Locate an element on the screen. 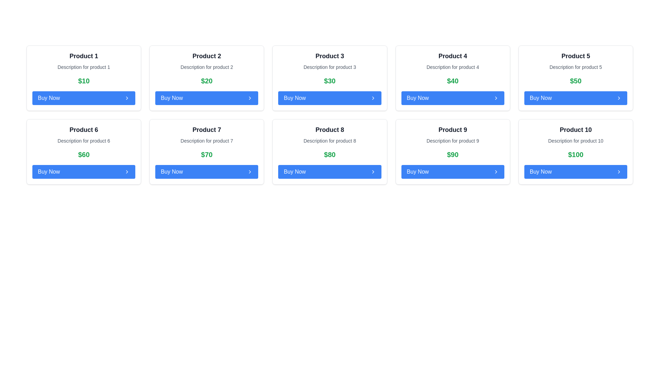 This screenshot has height=372, width=661. the green text label displaying '$50' that is centrally aligned in the fifth card from the left, positioned between the product description and the 'Buy Now' button is located at coordinates (576, 81).